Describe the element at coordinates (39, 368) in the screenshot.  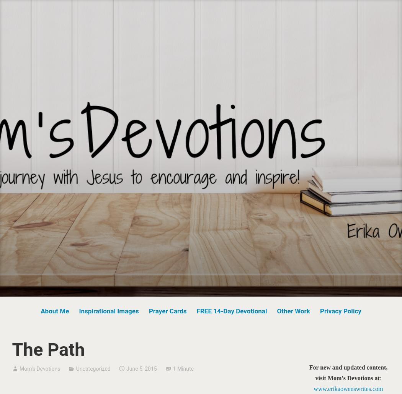
I see `'Mom's Devotions'` at that location.